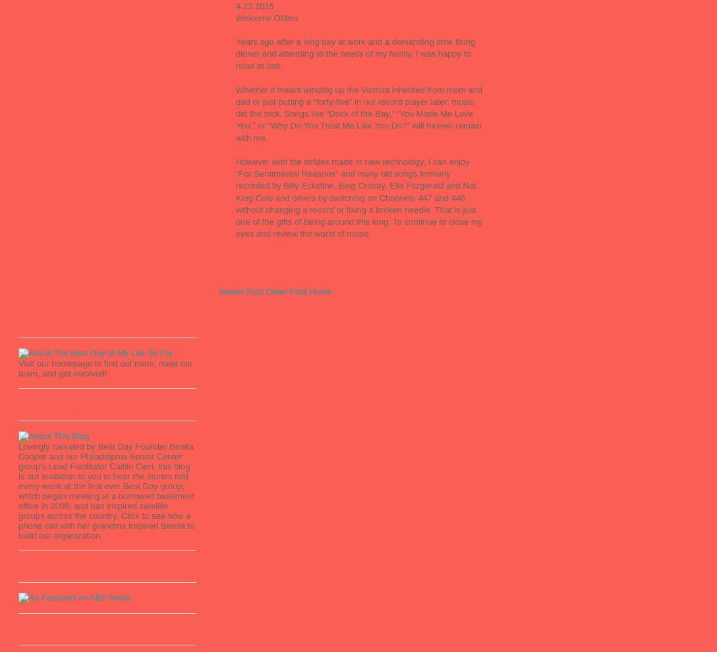 This screenshot has height=652, width=717. What do you see at coordinates (105, 367) in the screenshot?
I see `'Visit our homepage to find out more, meet our team, and get involved!'` at bounding box center [105, 367].